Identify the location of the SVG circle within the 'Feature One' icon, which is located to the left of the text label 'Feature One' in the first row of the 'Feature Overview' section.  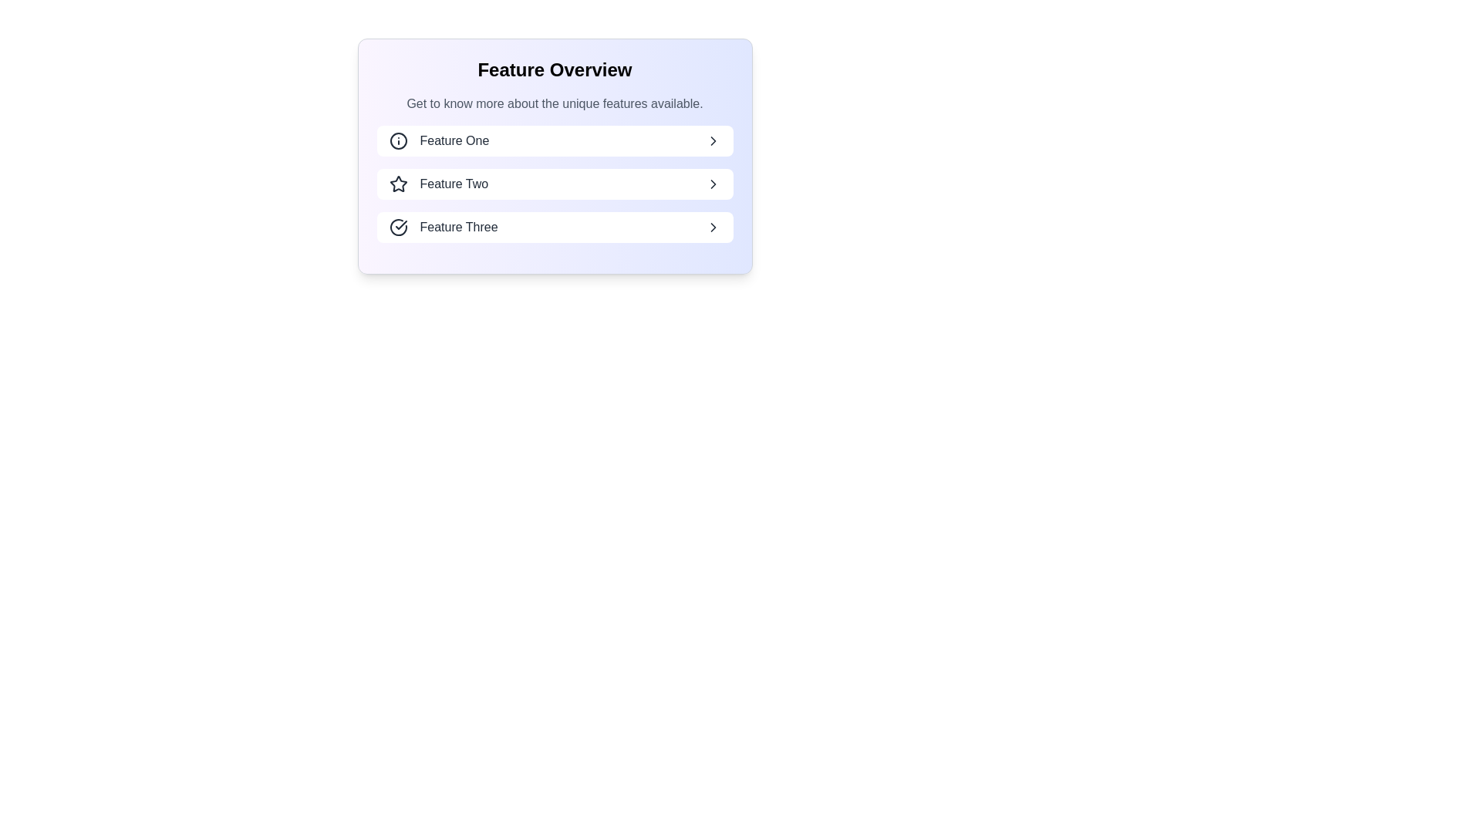
(398, 140).